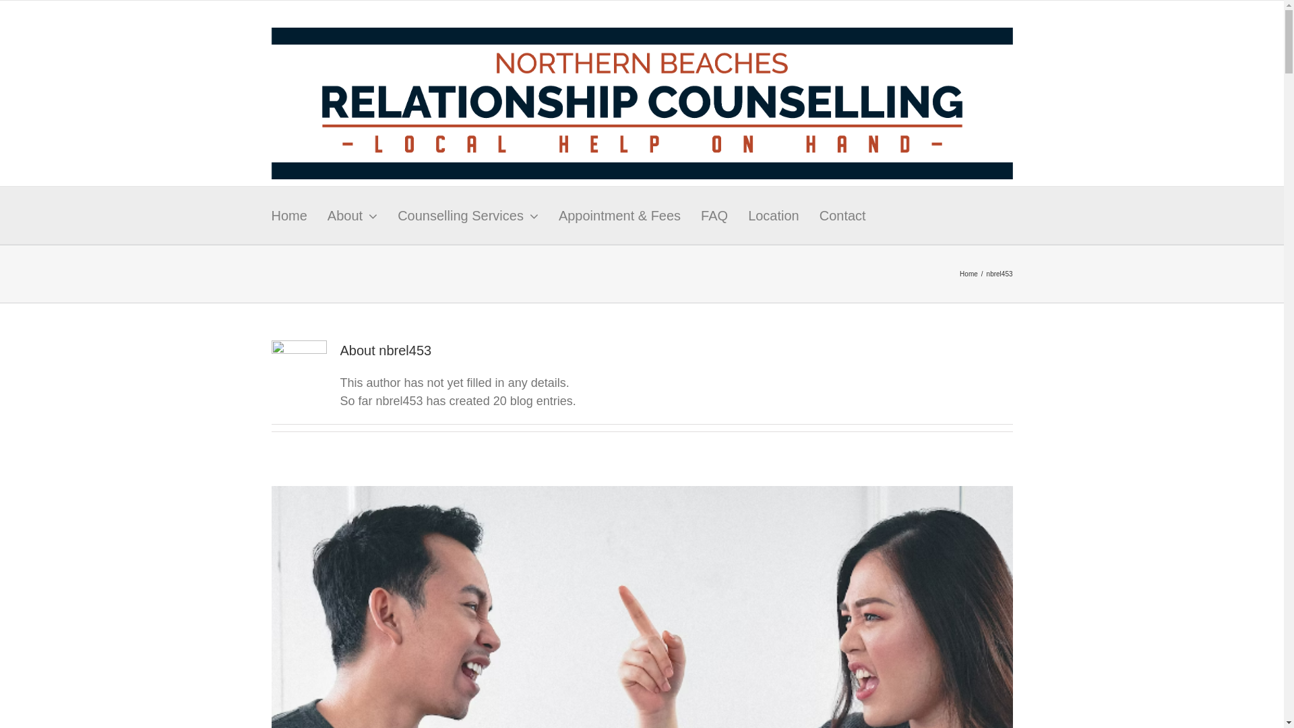  I want to click on 'Contact', so click(842, 214).